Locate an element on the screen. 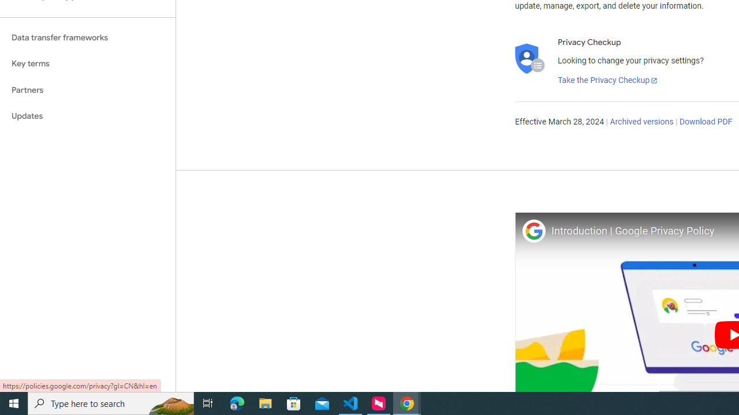 The image size is (739, 415). 'Take the Privacy Checkup' is located at coordinates (607, 80).